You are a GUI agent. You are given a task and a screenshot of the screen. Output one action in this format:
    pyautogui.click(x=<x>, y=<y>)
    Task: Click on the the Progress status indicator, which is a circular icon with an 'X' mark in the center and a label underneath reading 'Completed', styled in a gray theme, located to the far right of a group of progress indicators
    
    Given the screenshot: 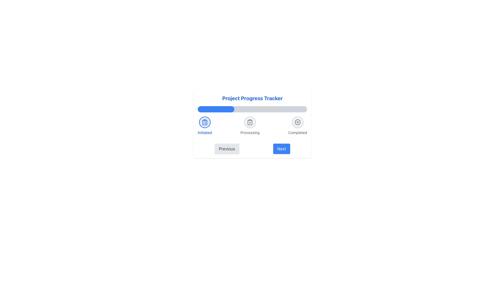 What is the action you would take?
    pyautogui.click(x=297, y=126)
    